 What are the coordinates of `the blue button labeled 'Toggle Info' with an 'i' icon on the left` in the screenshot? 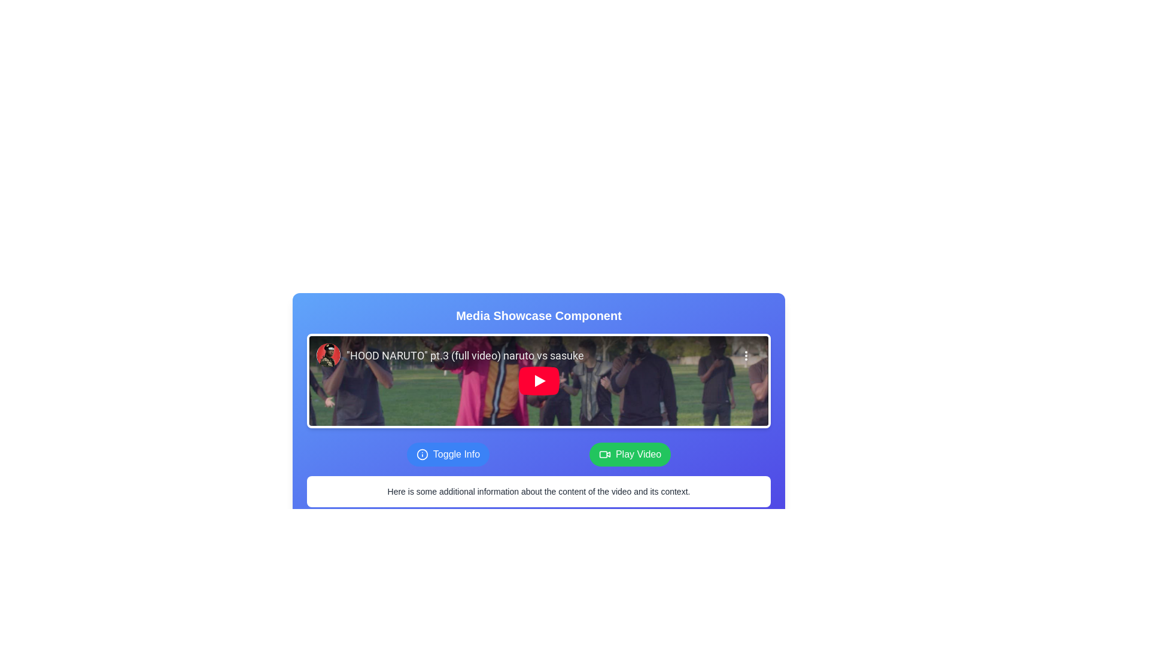 It's located at (447, 454).